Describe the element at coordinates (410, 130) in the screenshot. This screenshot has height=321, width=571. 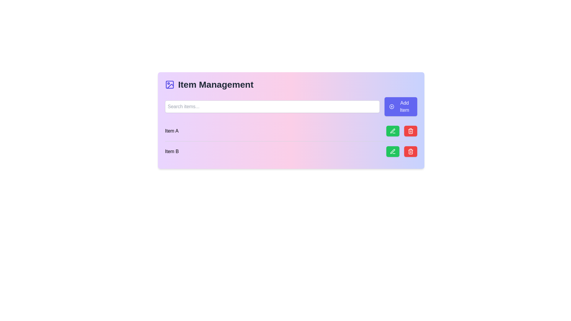
I see `the red rectangular button with a trash icon` at that location.